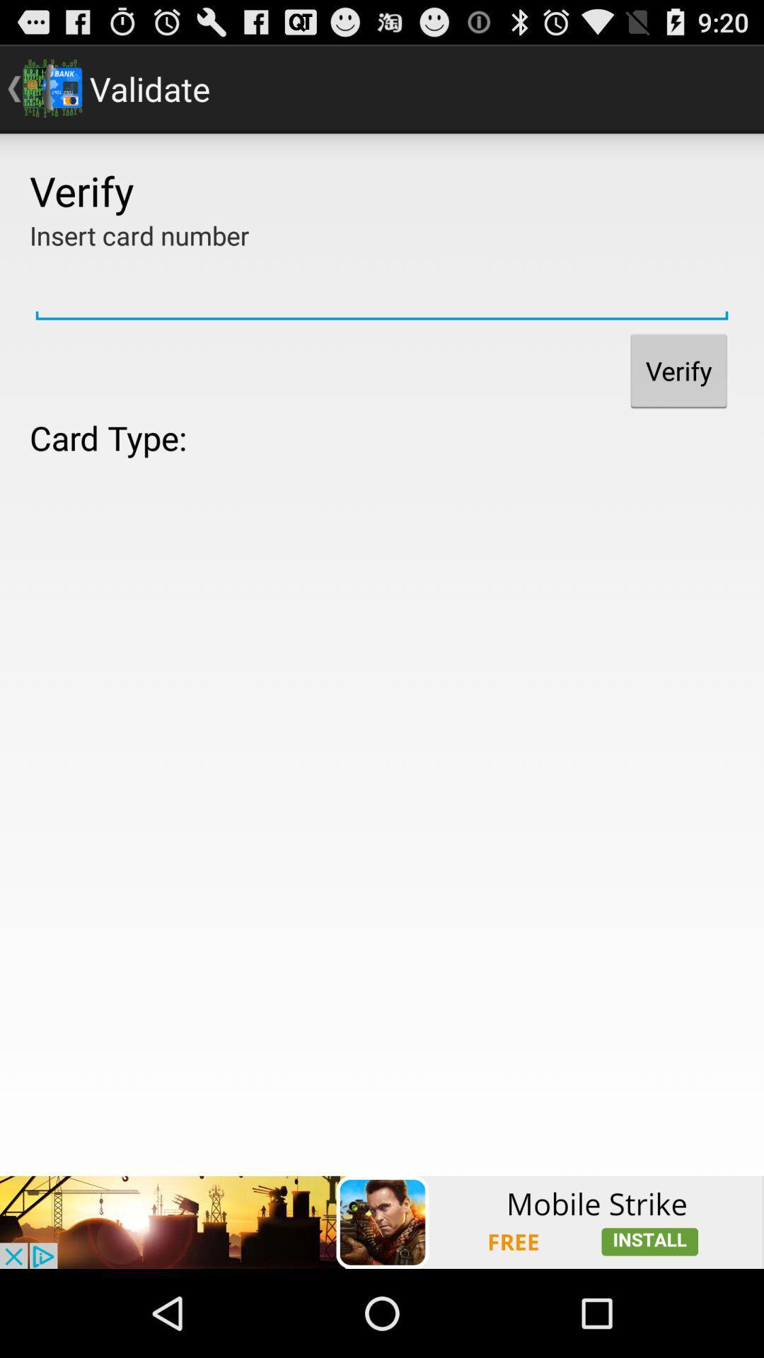 The height and width of the screenshot is (1358, 764). Describe the element at coordinates (382, 289) in the screenshot. I see `card number` at that location.